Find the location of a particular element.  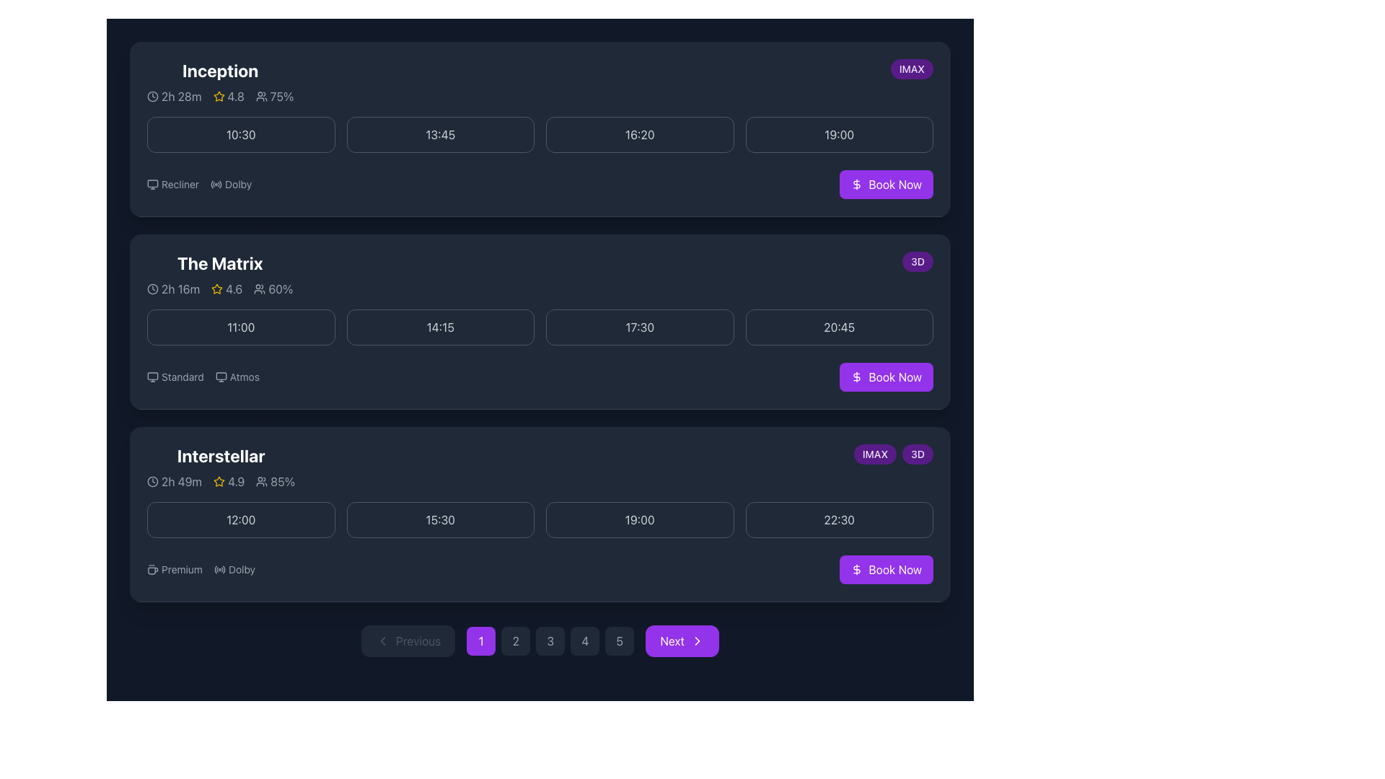

the Label indicating the premium feature for the movie 'Interstellar', which is located between a coffee cup icon and the 'Dolby' label is located at coordinates (181, 569).